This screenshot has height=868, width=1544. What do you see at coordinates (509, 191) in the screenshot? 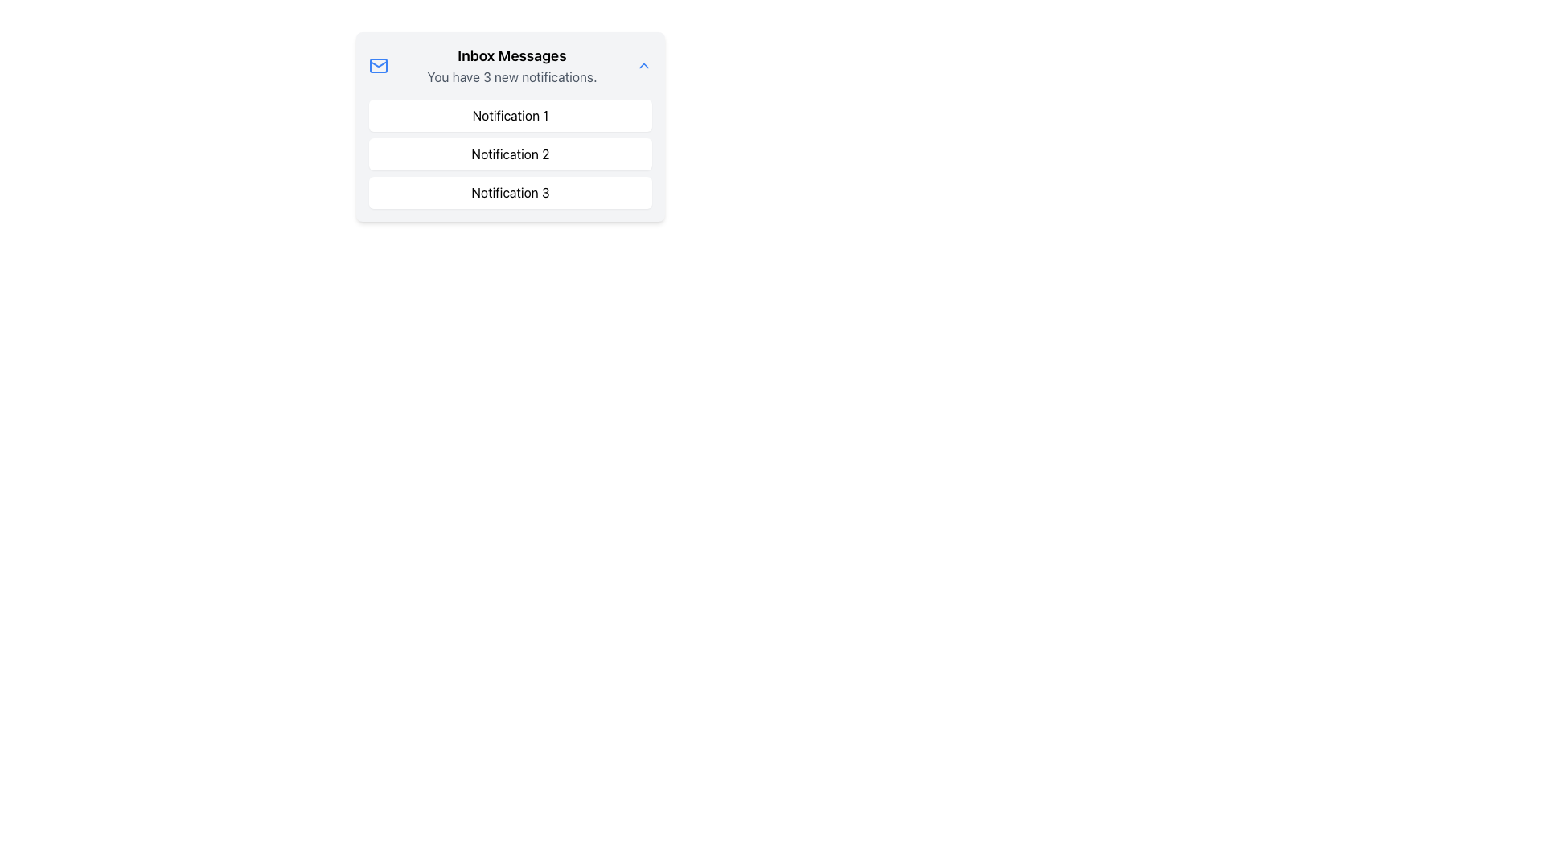
I see `the Notification entry that contains the text 'Notification 3', which is the third item in the vertically-stacked list of notifications` at bounding box center [509, 191].